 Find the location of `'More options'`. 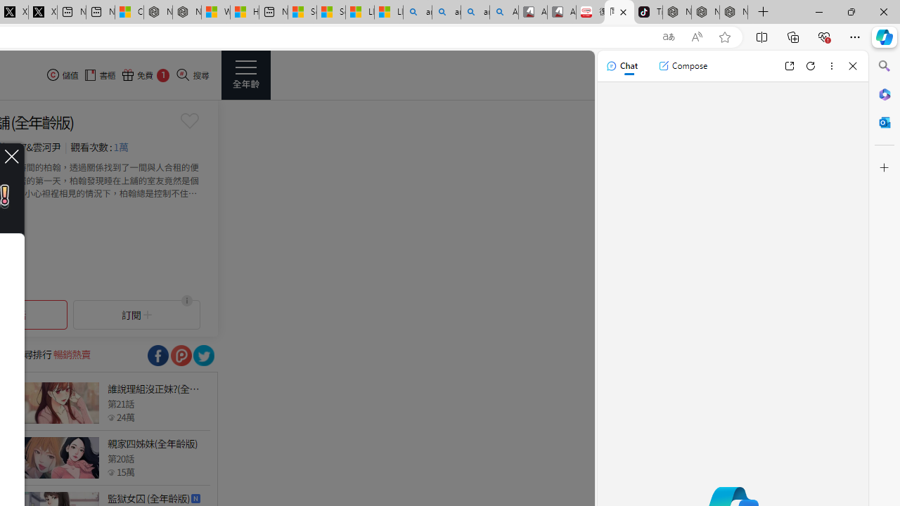

'More options' is located at coordinates (831, 65).